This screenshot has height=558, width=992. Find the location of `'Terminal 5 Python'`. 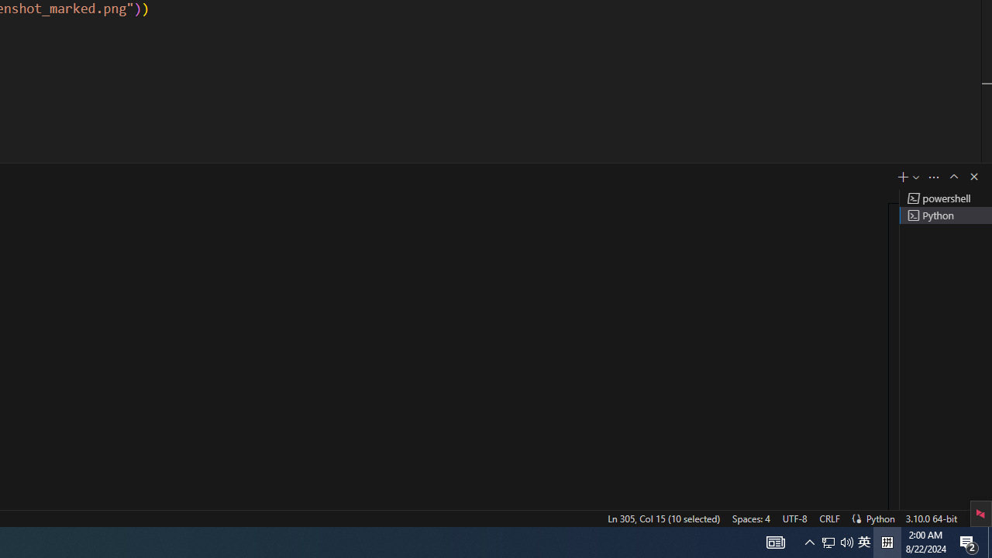

'Terminal 5 Python' is located at coordinates (945, 215).